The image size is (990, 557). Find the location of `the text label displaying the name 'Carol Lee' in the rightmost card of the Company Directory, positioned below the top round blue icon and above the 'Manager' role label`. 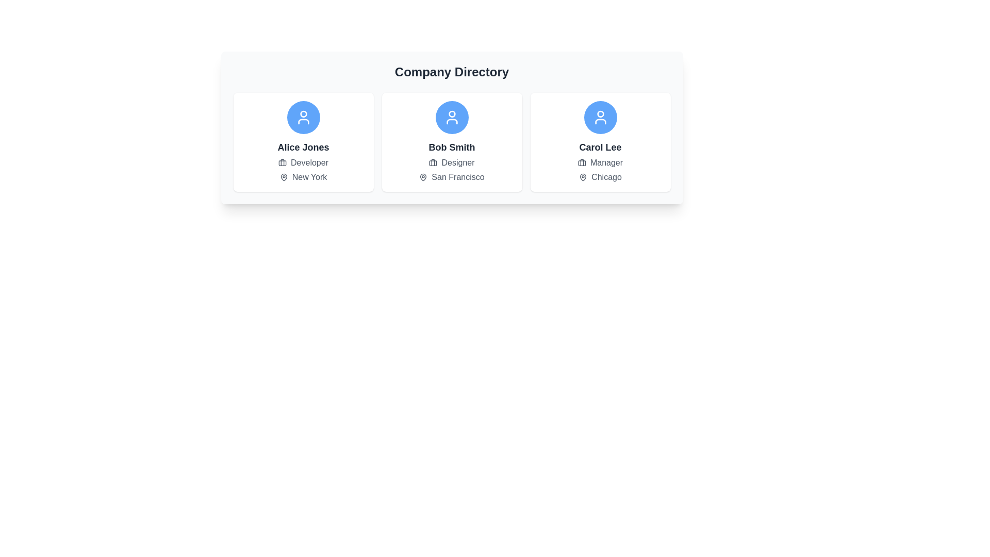

the text label displaying the name 'Carol Lee' in the rightmost card of the Company Directory, positioned below the top round blue icon and above the 'Manager' role label is located at coordinates (600, 147).